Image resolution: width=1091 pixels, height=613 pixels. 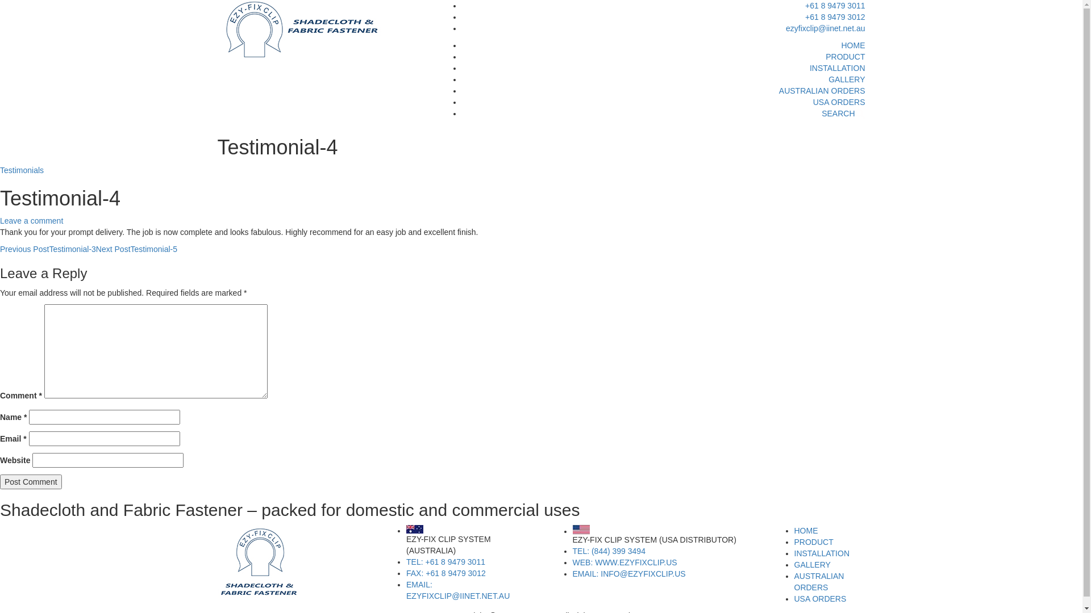 What do you see at coordinates (822, 553) in the screenshot?
I see `'INSTALLATION'` at bounding box center [822, 553].